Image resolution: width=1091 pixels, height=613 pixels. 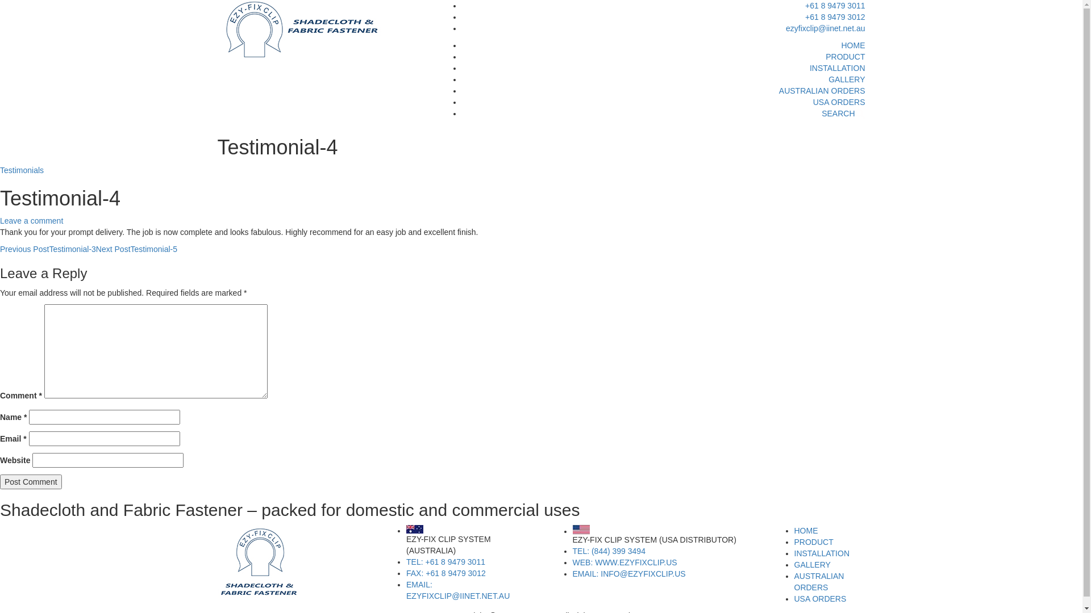 What do you see at coordinates (822, 553) in the screenshot?
I see `'INSTALLATION'` at bounding box center [822, 553].